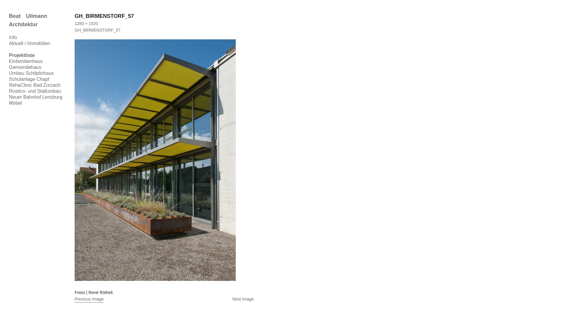 This screenshot has width=573, height=322. I want to click on 'Umbau Schilplinhaus', so click(9, 73).